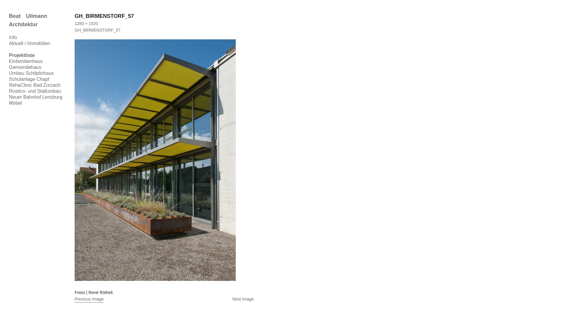 This screenshot has width=573, height=322. I want to click on 'Umbau Schilplinhaus', so click(9, 73).